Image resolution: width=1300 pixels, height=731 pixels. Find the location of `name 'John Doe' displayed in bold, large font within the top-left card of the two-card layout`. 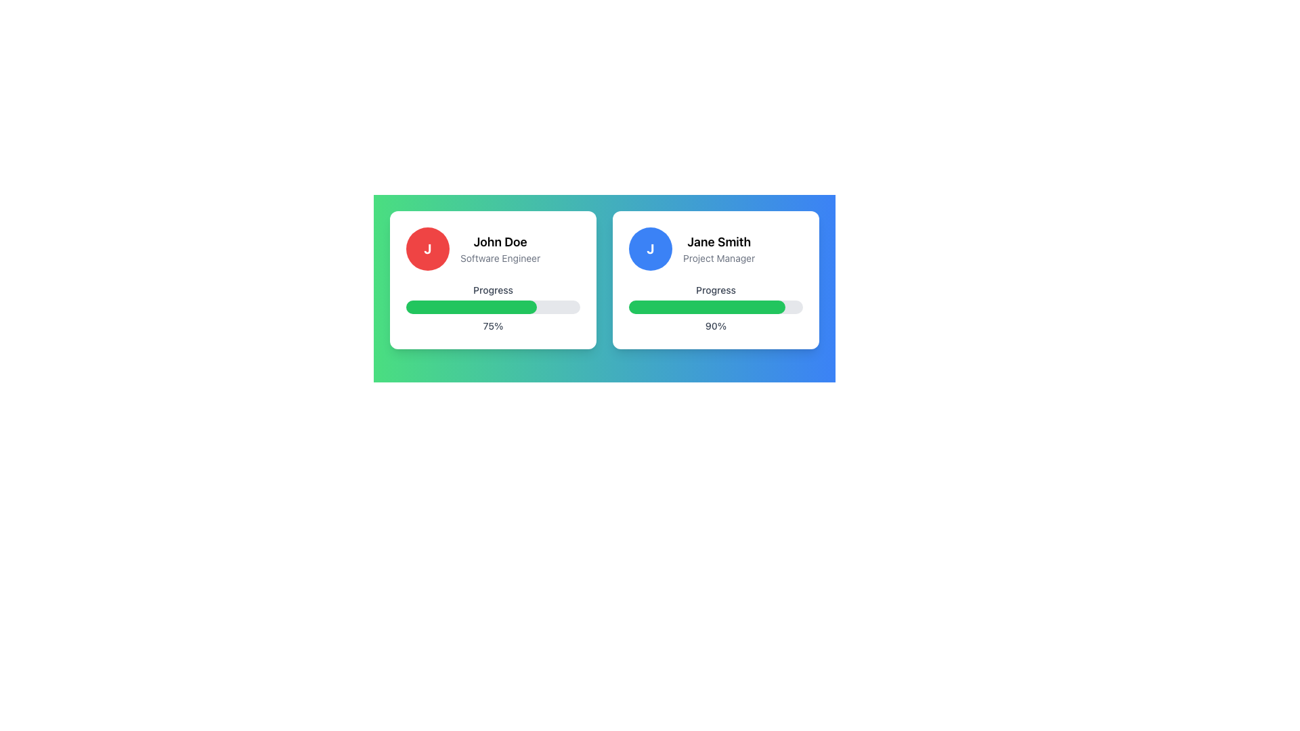

name 'John Doe' displayed in bold, large font within the top-left card of the two-card layout is located at coordinates (500, 242).